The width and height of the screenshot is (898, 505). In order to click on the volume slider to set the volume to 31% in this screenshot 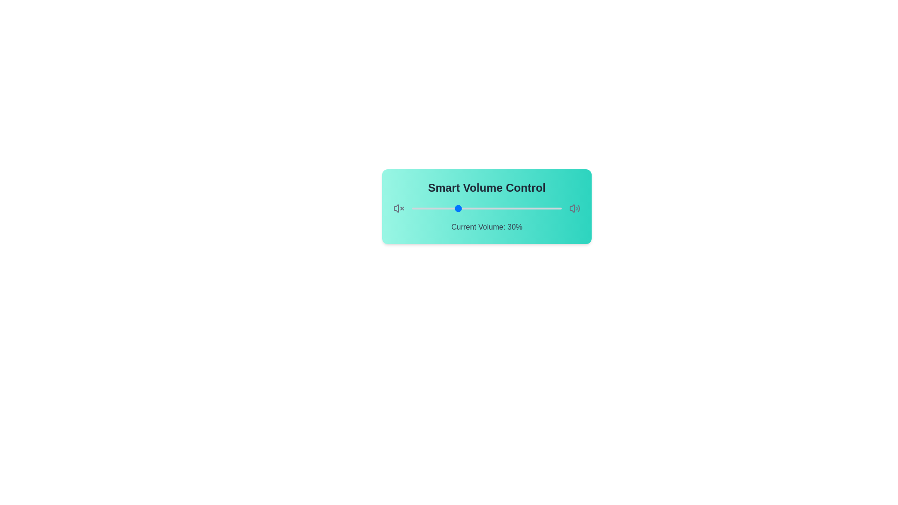, I will do `click(458, 208)`.